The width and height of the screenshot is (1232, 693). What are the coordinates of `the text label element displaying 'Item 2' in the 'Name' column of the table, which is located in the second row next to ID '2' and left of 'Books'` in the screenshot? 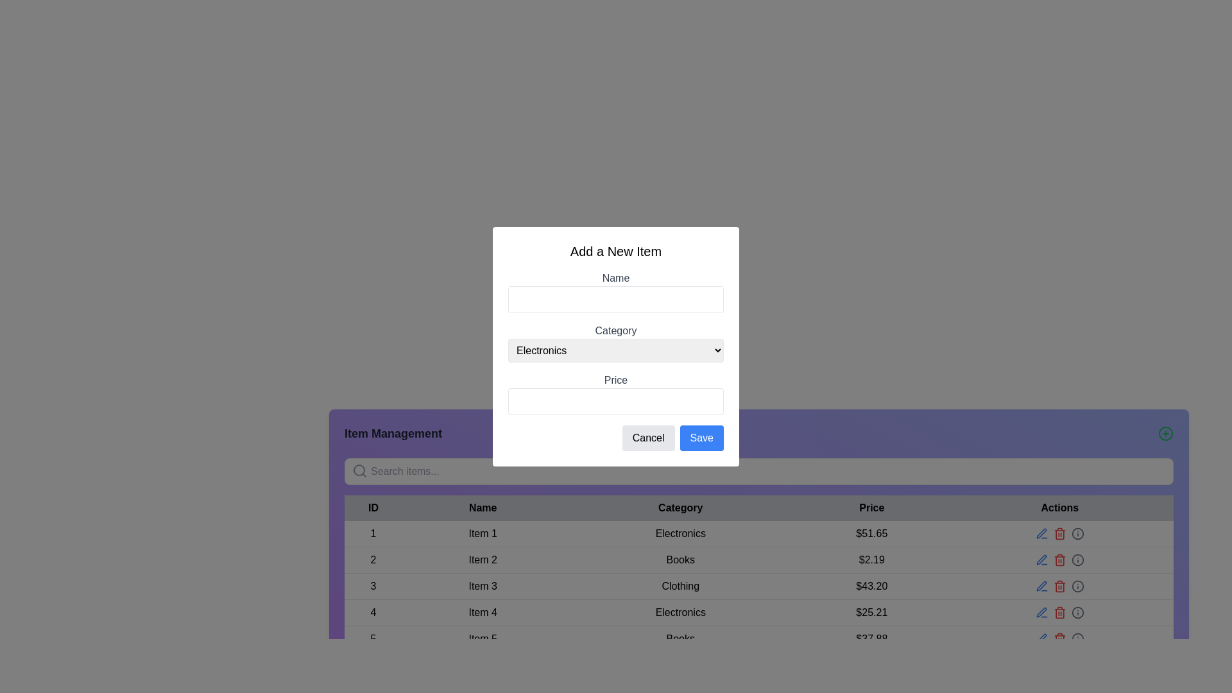 It's located at (482, 559).